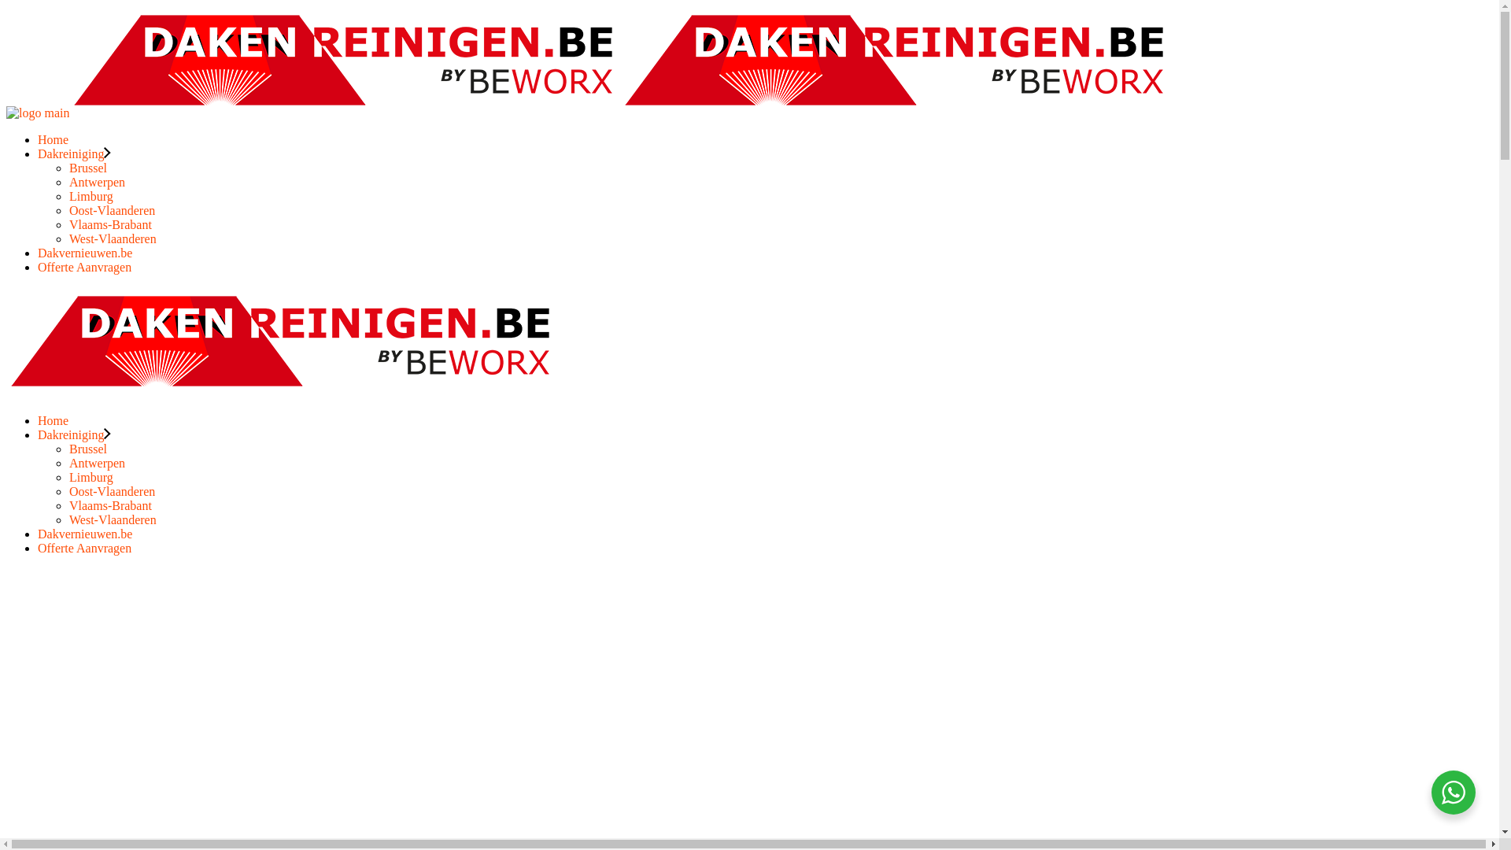  I want to click on 'Vlaams-Brabant', so click(109, 505).